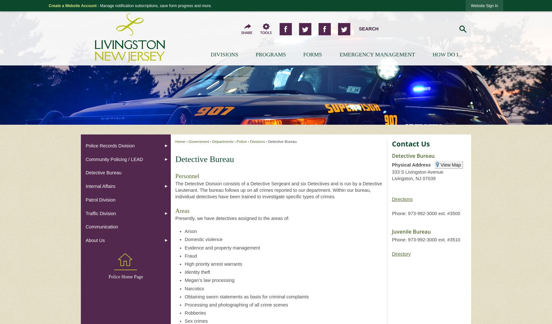 This screenshot has width=552, height=324. What do you see at coordinates (184, 304) in the screenshot?
I see `'Processing and photographing of all crime scenes'` at bounding box center [184, 304].